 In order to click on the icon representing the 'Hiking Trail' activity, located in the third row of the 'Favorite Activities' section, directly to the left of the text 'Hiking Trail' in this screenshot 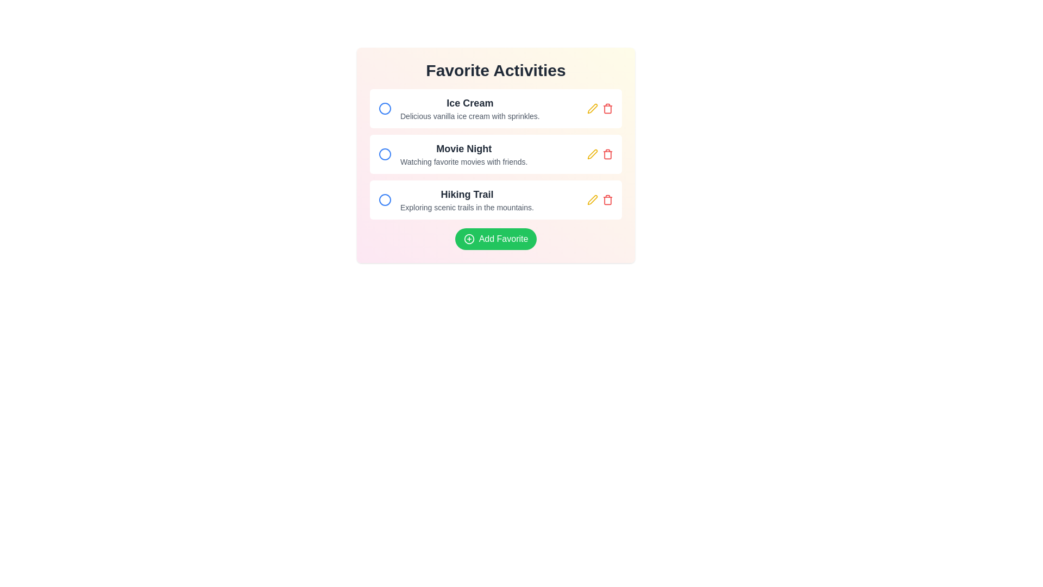, I will do `click(385, 199)`.